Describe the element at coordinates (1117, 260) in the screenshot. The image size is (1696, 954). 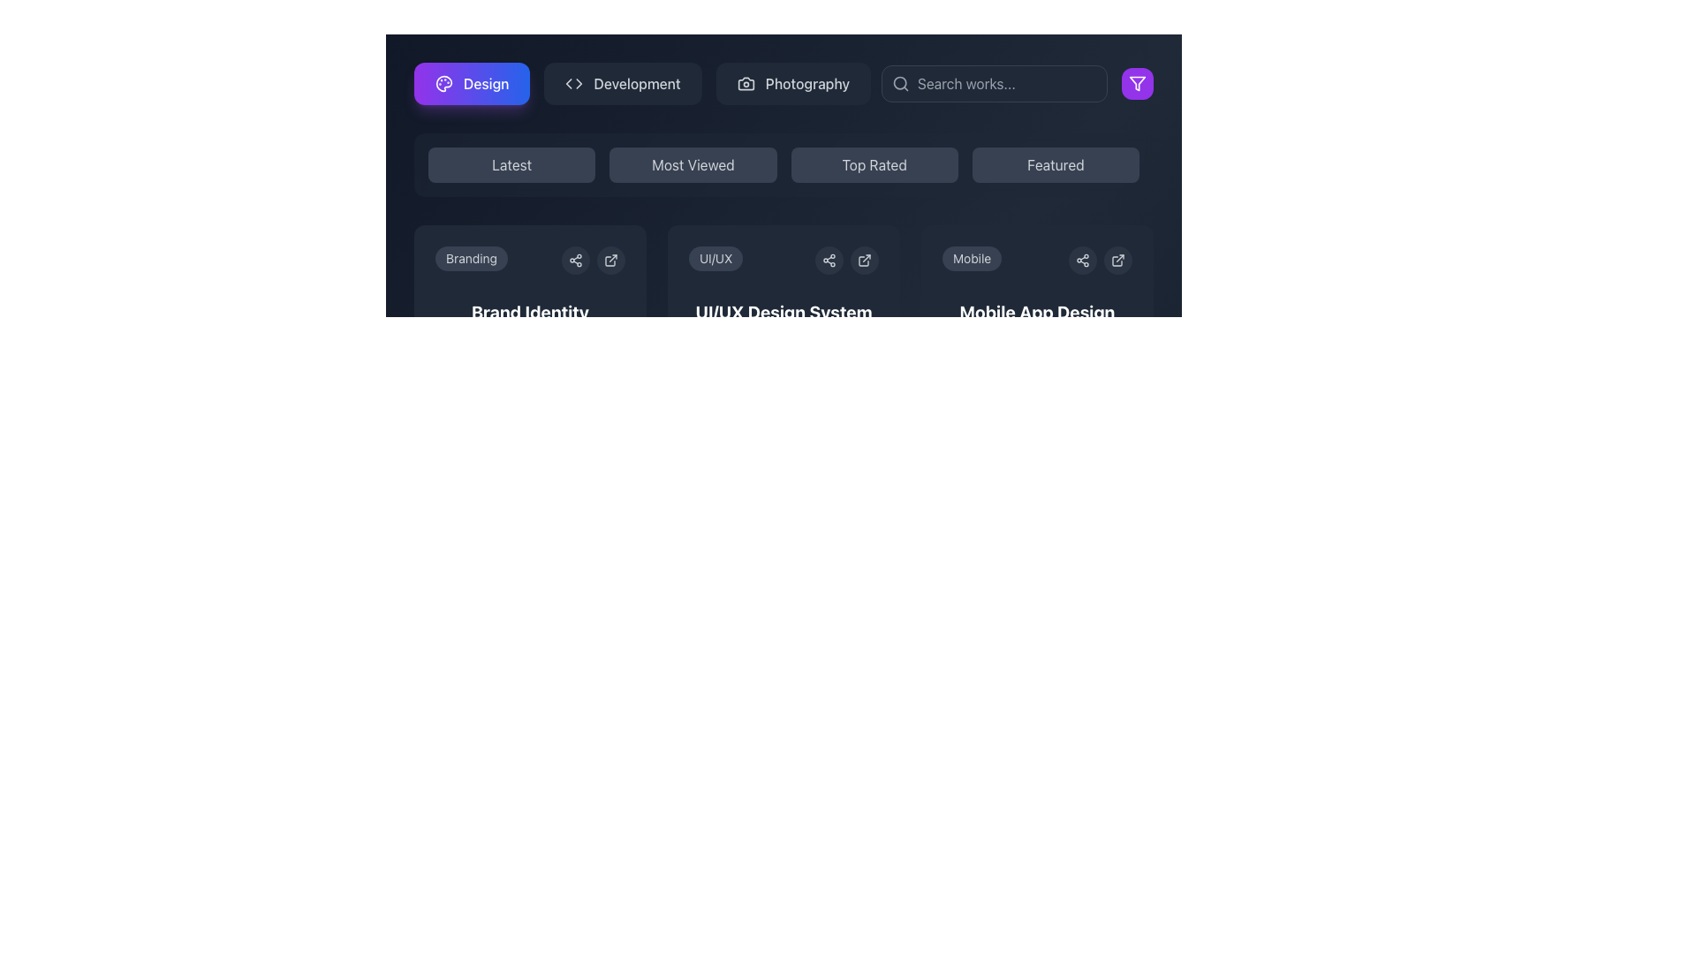
I see `the 'External Link' button located at the far-right of the 'Mobile App Design' card` at that location.